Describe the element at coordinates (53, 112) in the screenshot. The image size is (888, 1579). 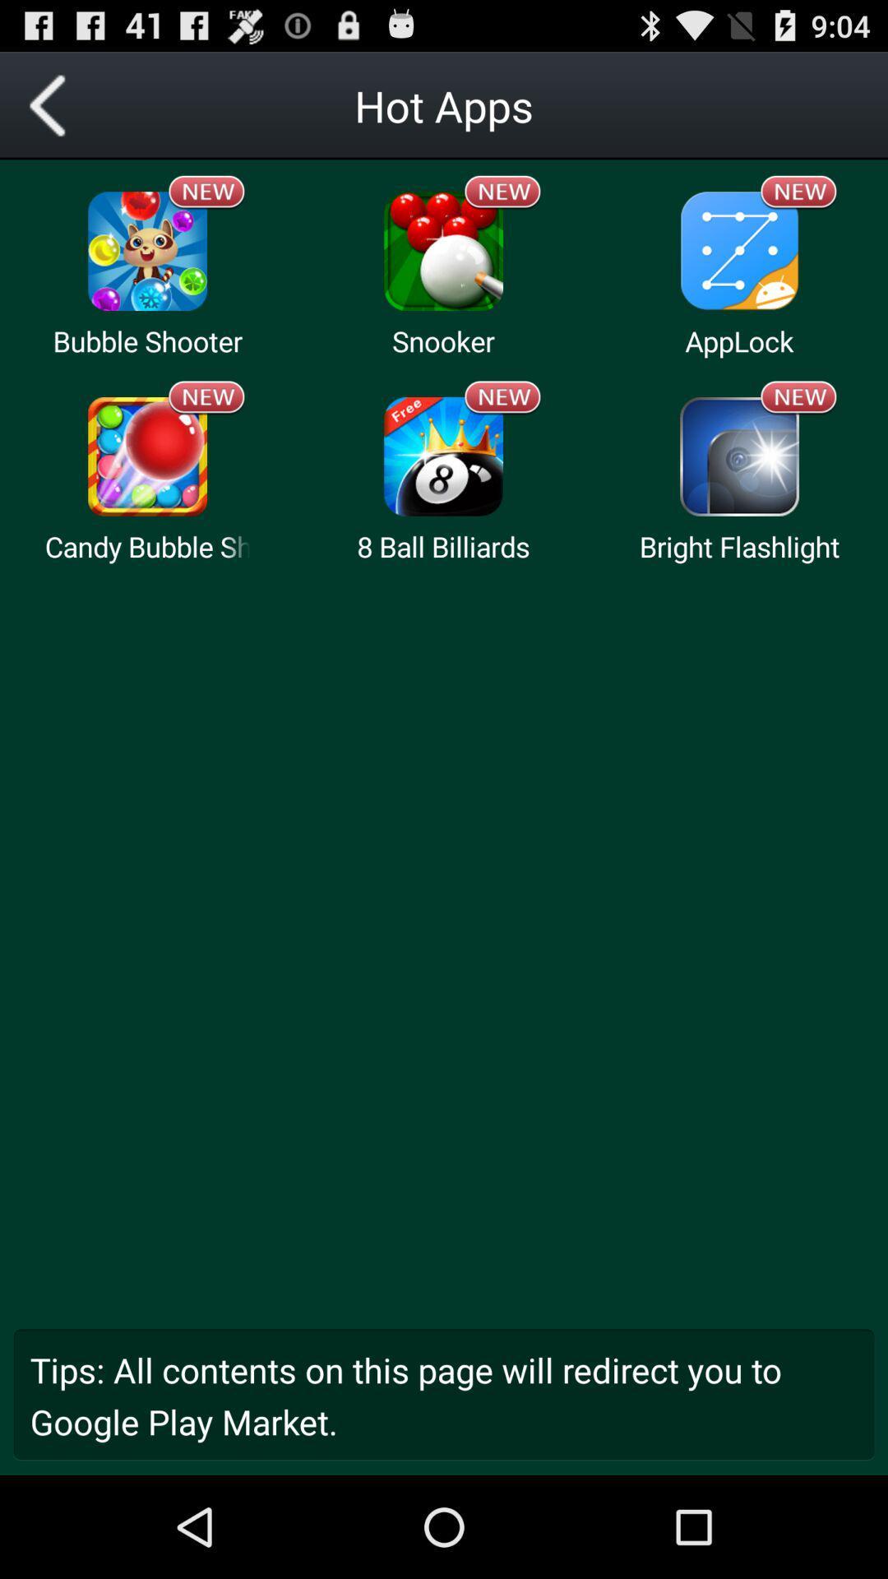
I see `the arrow_backward icon` at that location.